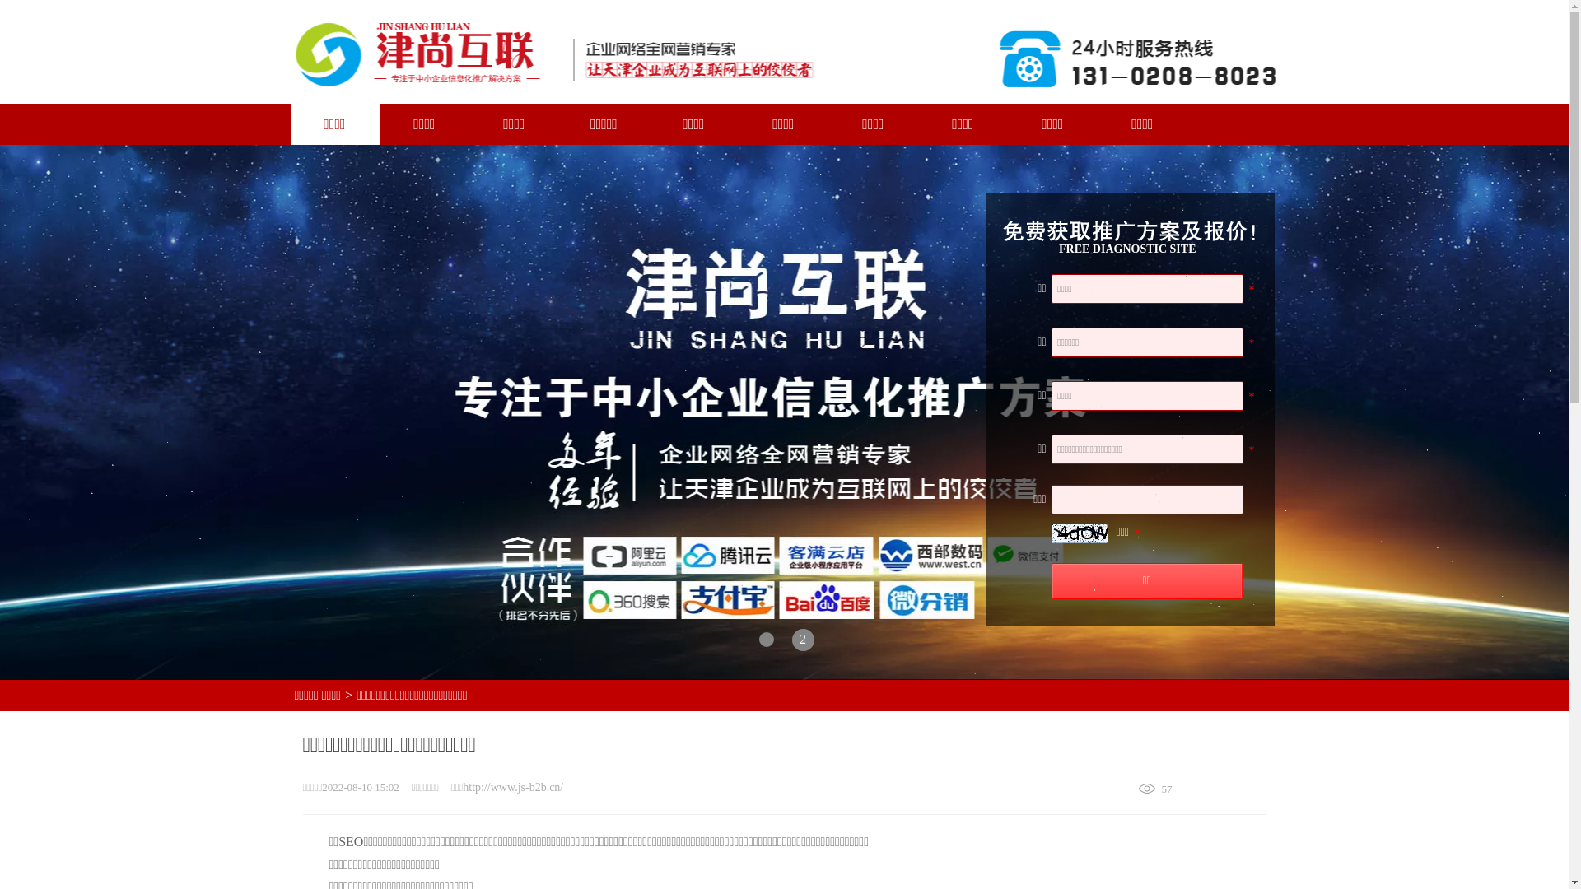 Image resolution: width=1581 pixels, height=889 pixels. What do you see at coordinates (512, 786) in the screenshot?
I see `'http://www.js-b2b.cn/'` at bounding box center [512, 786].